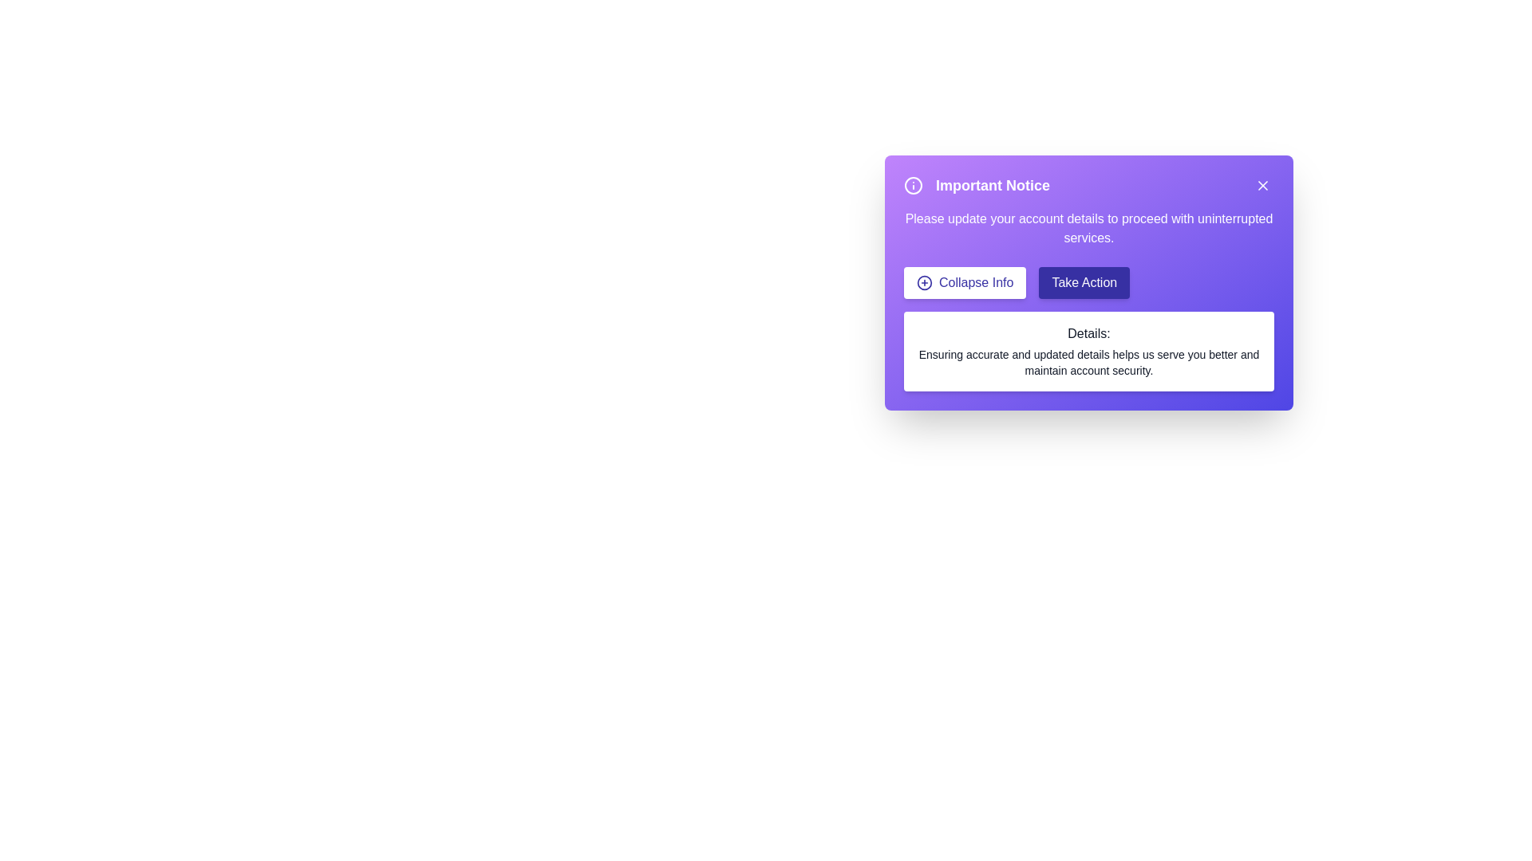 This screenshot has width=1532, height=861. I want to click on the 'Take Action' button to trigger its functionality, so click(1084, 281).